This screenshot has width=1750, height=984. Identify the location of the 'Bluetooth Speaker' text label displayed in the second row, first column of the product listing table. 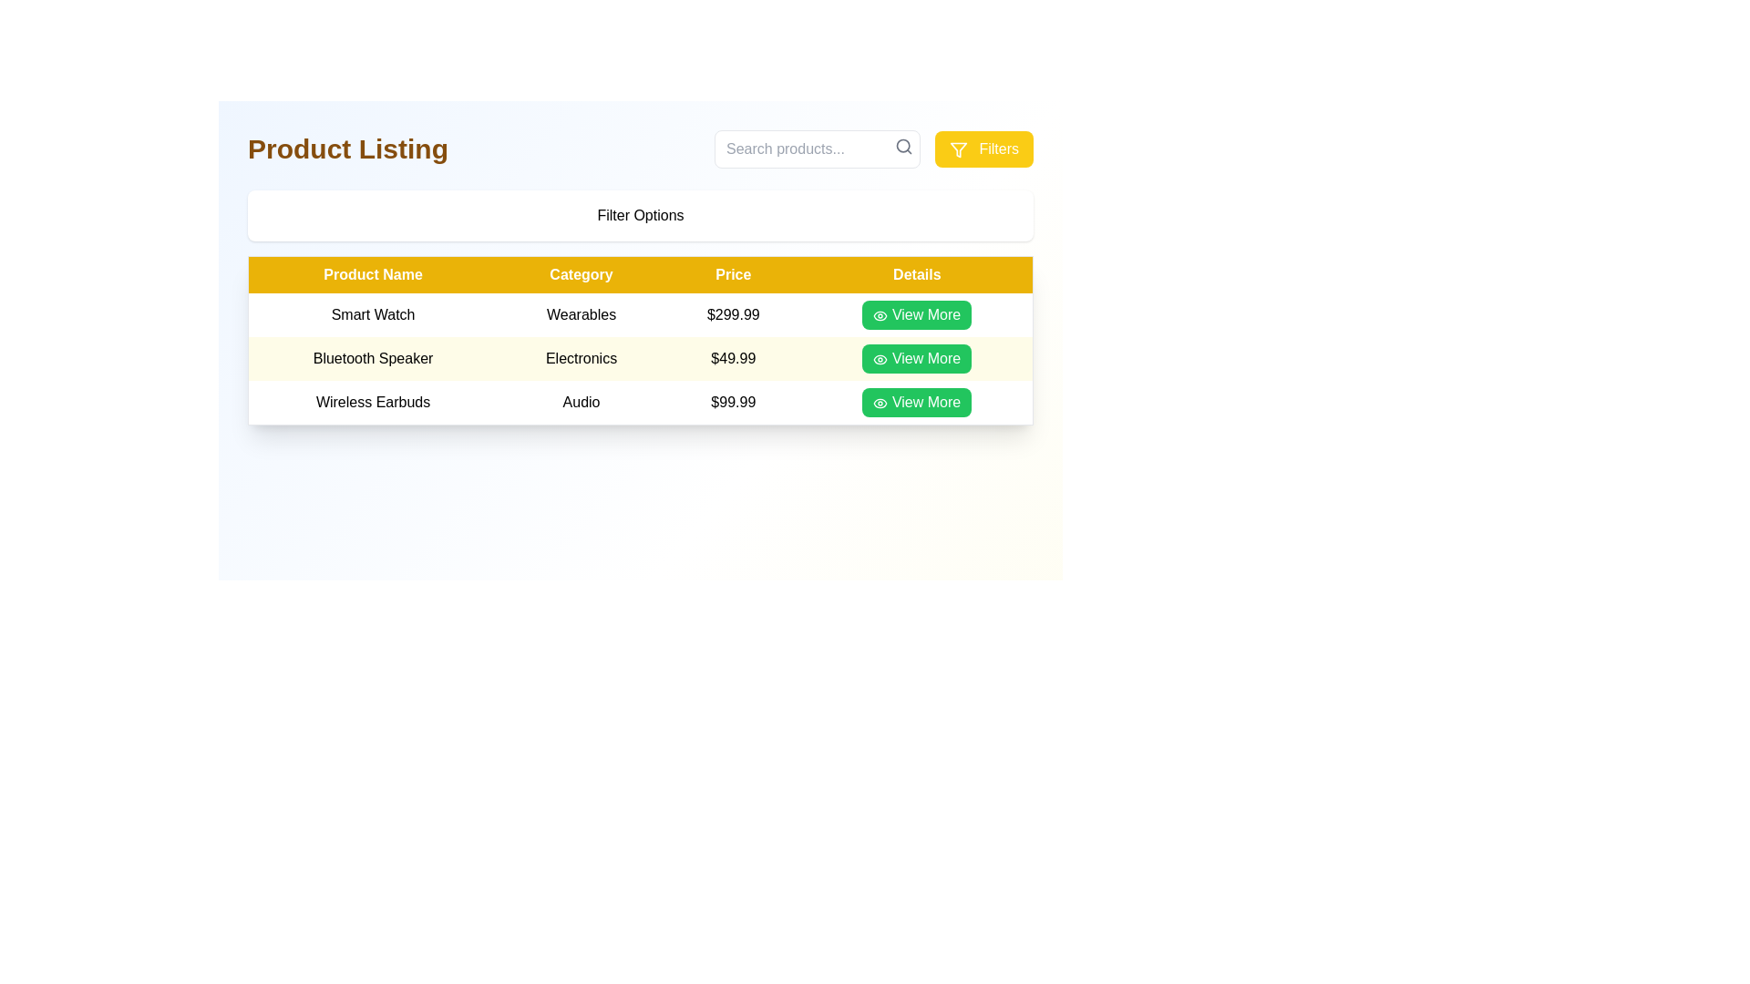
(372, 358).